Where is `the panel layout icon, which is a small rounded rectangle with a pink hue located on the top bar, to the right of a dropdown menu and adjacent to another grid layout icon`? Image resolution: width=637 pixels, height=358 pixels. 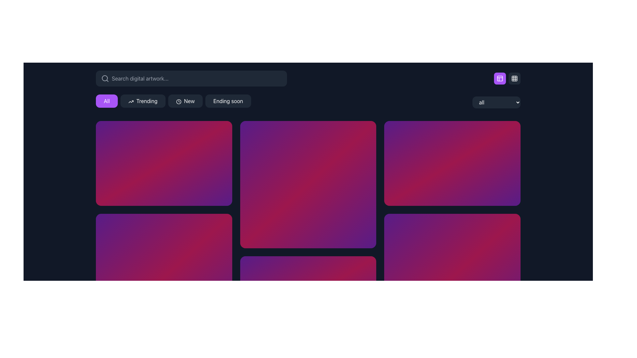 the panel layout icon, which is a small rounded rectangle with a pink hue located on the top bar, to the right of a dropdown menu and adjacent to another grid layout icon is located at coordinates (500, 78).